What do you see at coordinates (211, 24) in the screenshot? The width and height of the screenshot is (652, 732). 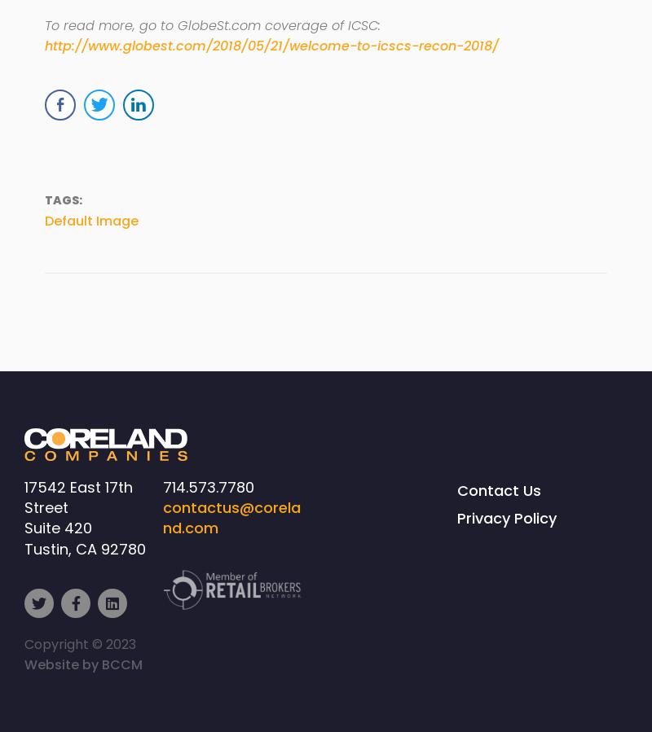 I see `'To read more, go to GlobeSt.com coverage of ICSC:'` at bounding box center [211, 24].